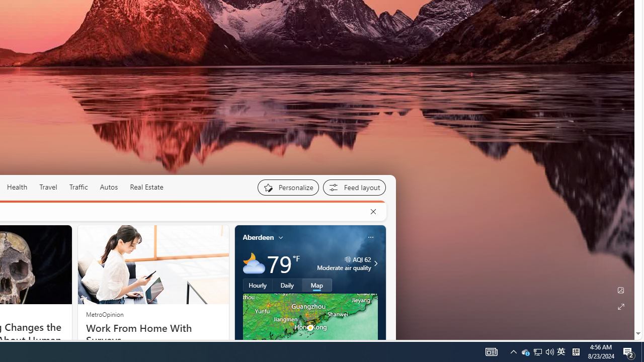  I want to click on 'Autos', so click(109, 187).